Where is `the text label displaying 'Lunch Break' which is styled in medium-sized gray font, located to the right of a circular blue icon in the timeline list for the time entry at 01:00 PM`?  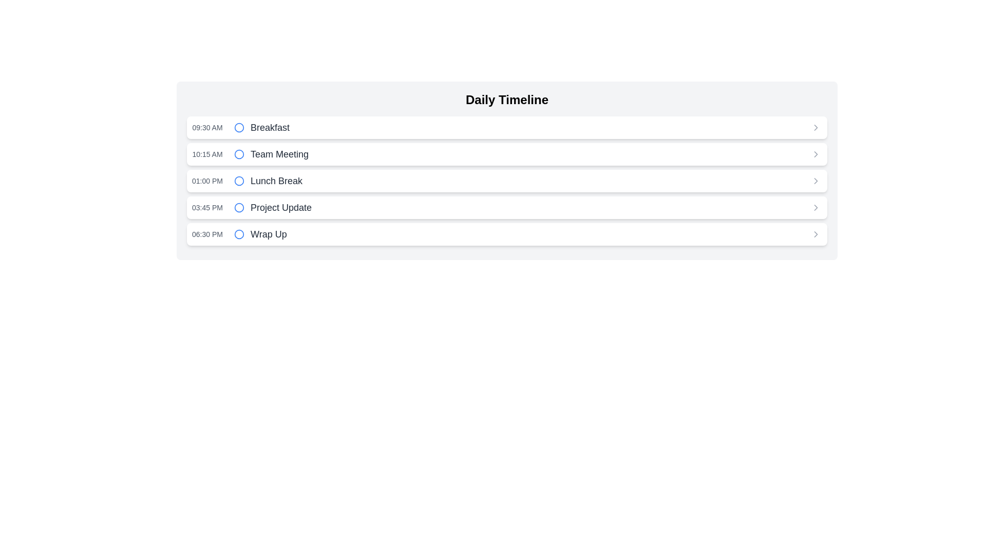
the text label displaying 'Lunch Break' which is styled in medium-sized gray font, located to the right of a circular blue icon in the timeline list for the time entry at 01:00 PM is located at coordinates (276, 181).